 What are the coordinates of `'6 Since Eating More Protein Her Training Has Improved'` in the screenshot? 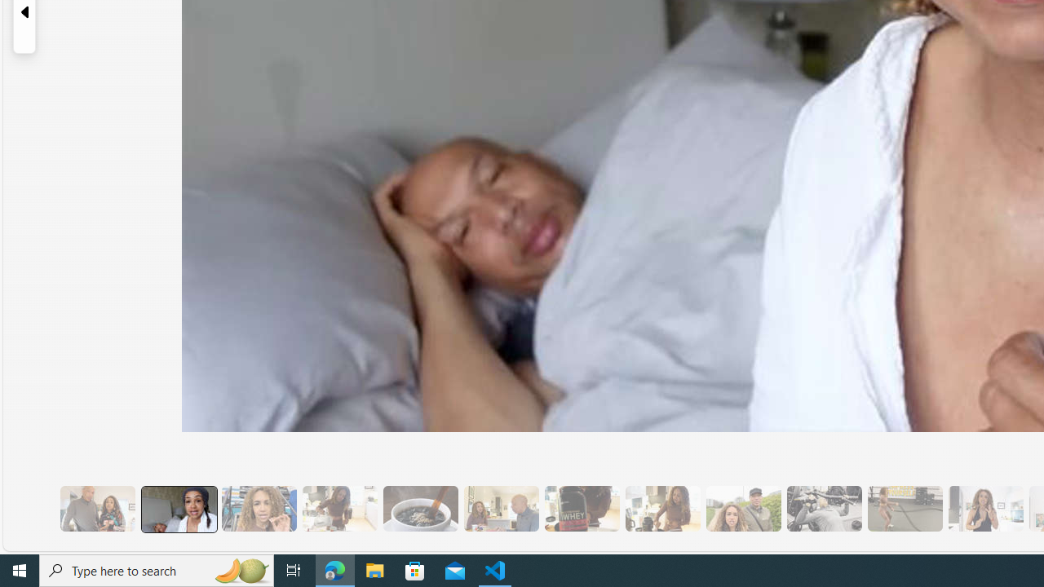 It's located at (582, 508).